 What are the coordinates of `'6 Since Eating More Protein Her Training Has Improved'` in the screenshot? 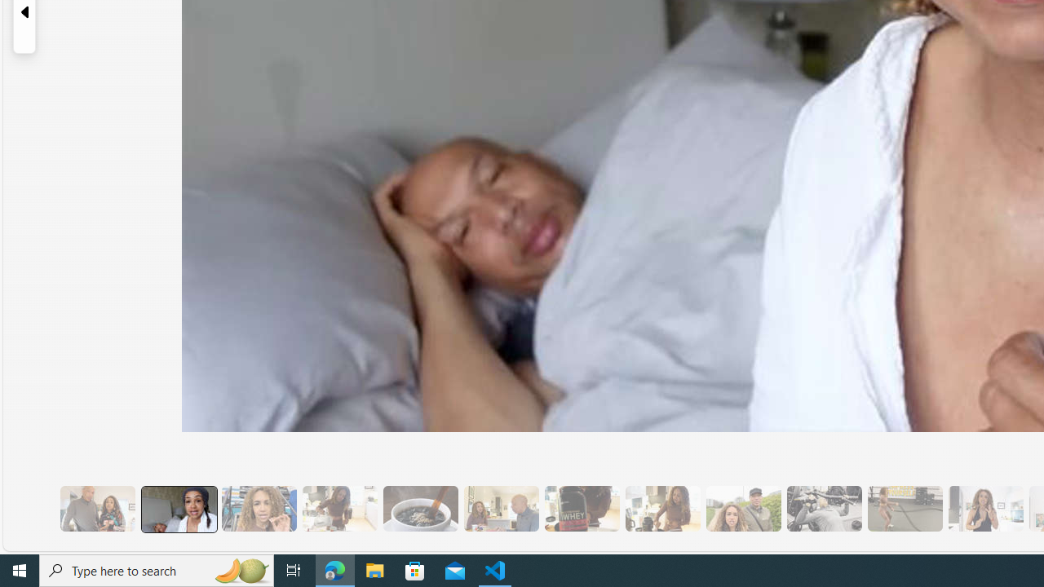 It's located at (582, 508).